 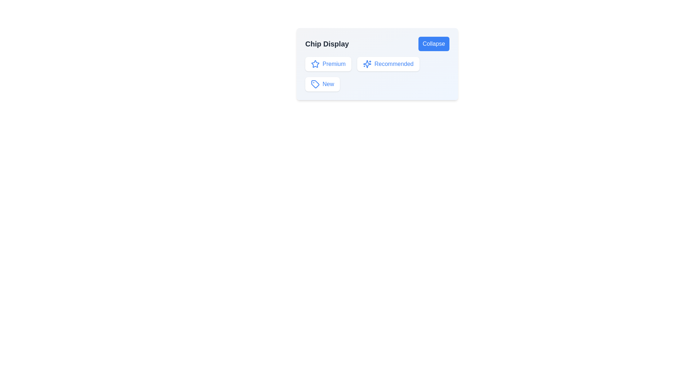 I want to click on the chip labeled New, so click(x=322, y=84).